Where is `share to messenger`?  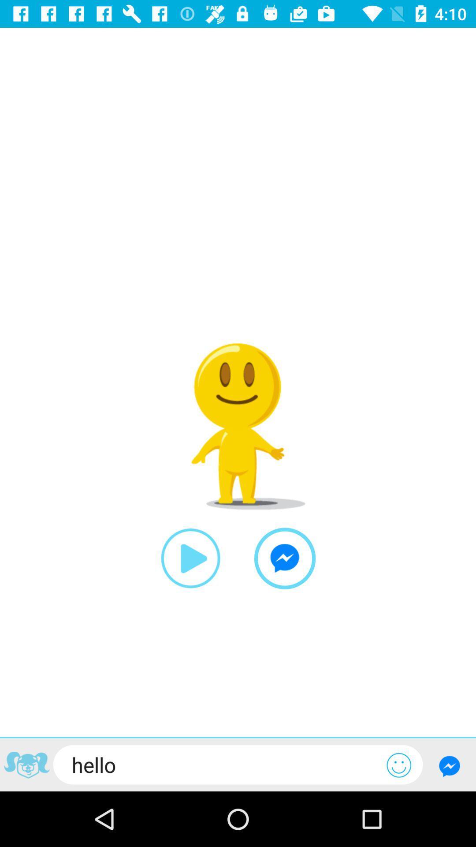
share to messenger is located at coordinates (285, 558).